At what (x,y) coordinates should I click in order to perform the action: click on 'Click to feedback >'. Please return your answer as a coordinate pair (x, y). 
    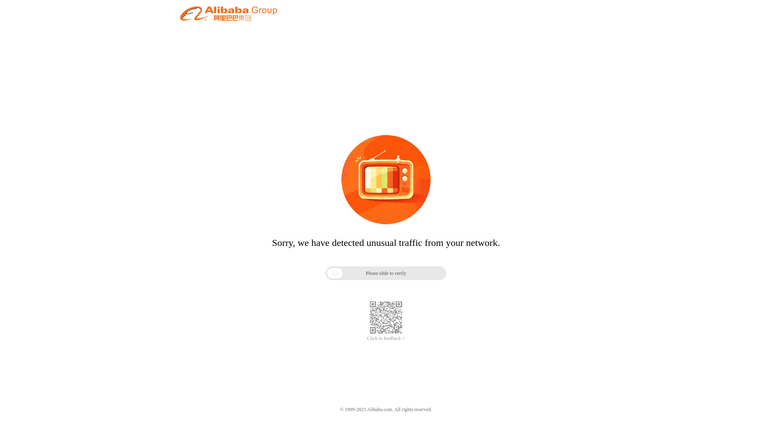
    Looking at the image, I should click on (366, 338).